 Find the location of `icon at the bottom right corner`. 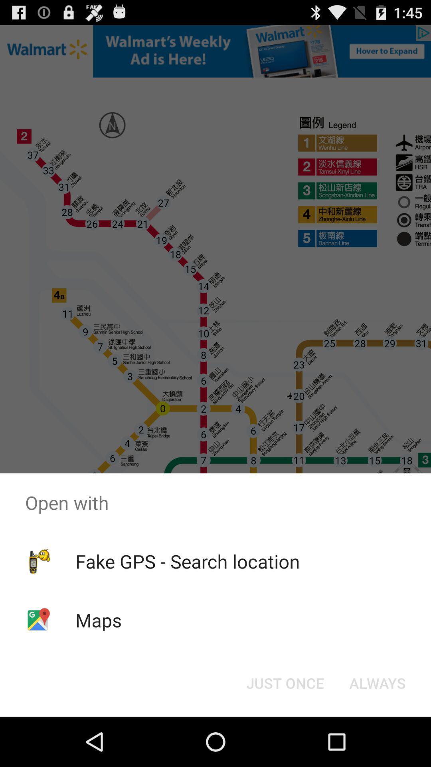

icon at the bottom right corner is located at coordinates (377, 682).